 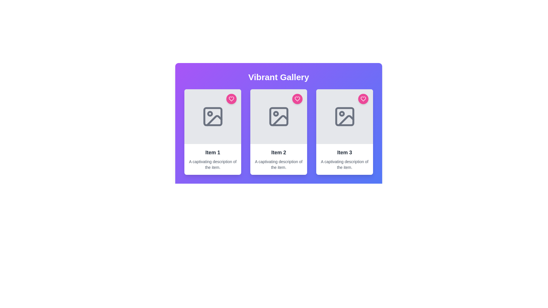 I want to click on the icon resembling an image frame located, so click(x=212, y=116).